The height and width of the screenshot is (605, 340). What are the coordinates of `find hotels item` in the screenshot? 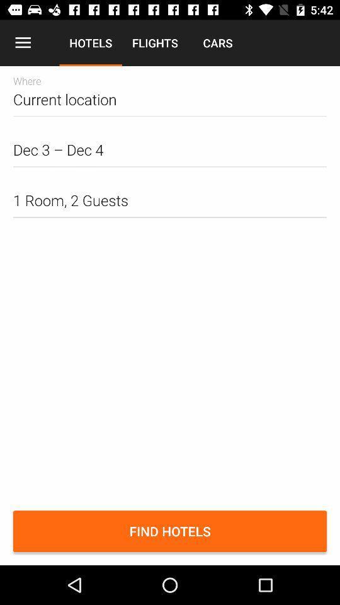 It's located at (170, 531).